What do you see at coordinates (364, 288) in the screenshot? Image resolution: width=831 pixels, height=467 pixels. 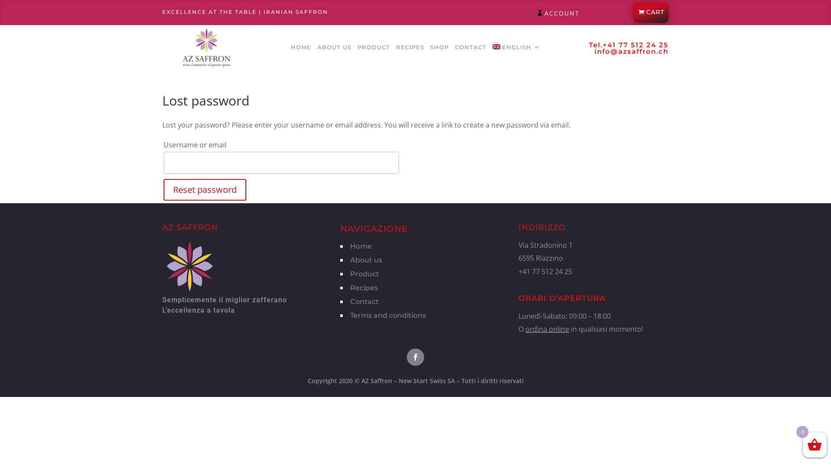 I see `'Recipes'` at bounding box center [364, 288].